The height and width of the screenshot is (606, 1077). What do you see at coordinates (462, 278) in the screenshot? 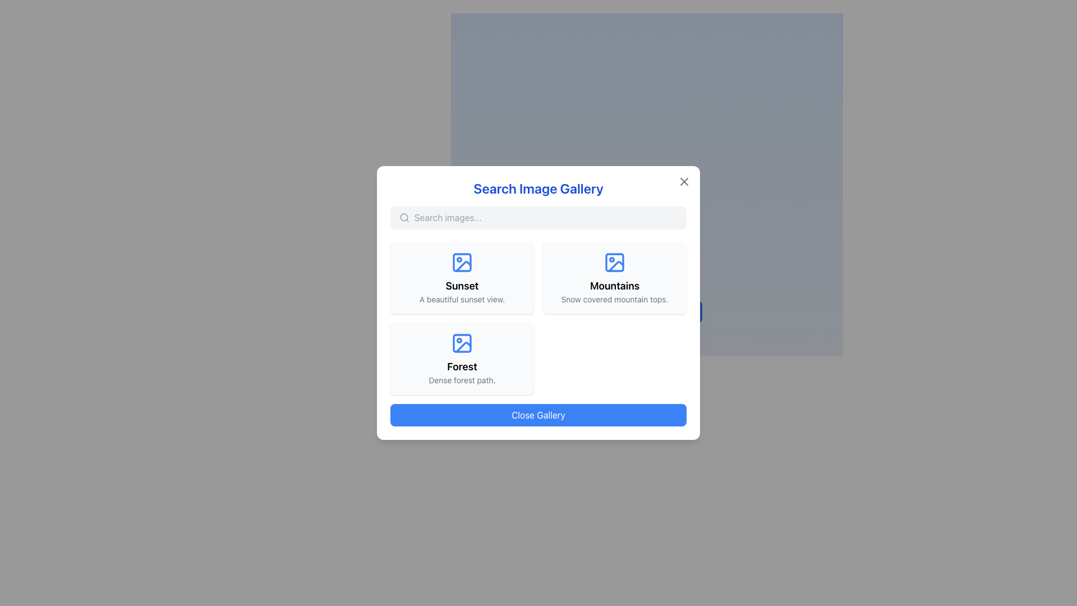
I see `the top-left card in the dialog box's content area` at bounding box center [462, 278].